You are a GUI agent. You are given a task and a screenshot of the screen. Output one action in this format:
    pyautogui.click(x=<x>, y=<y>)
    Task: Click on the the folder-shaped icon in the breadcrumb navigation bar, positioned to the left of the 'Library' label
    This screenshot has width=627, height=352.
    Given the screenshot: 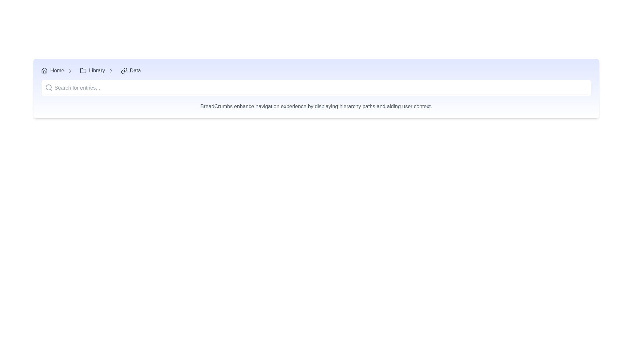 What is the action you would take?
    pyautogui.click(x=83, y=70)
    